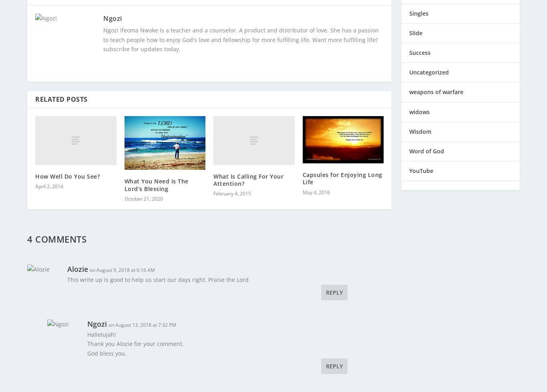  Describe the element at coordinates (56, 233) in the screenshot. I see `'4 Comments'` at that location.